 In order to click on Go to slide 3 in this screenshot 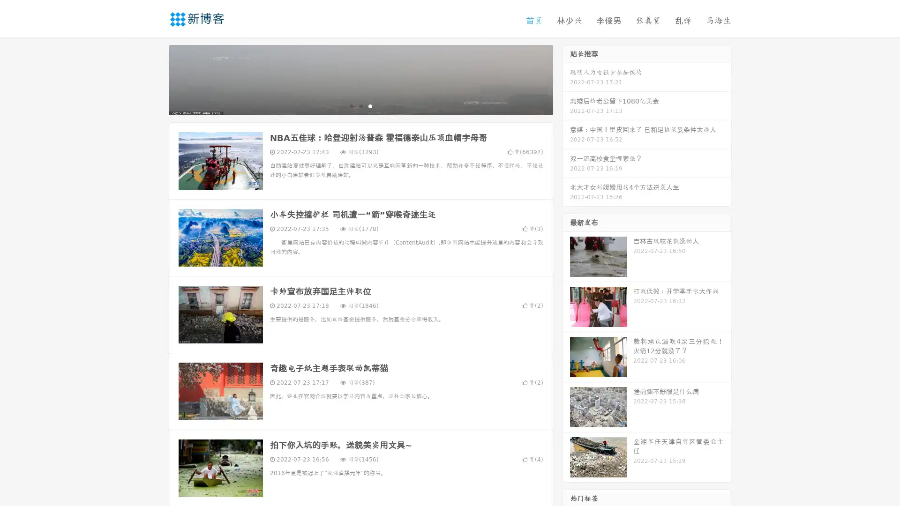, I will do `click(370, 105)`.